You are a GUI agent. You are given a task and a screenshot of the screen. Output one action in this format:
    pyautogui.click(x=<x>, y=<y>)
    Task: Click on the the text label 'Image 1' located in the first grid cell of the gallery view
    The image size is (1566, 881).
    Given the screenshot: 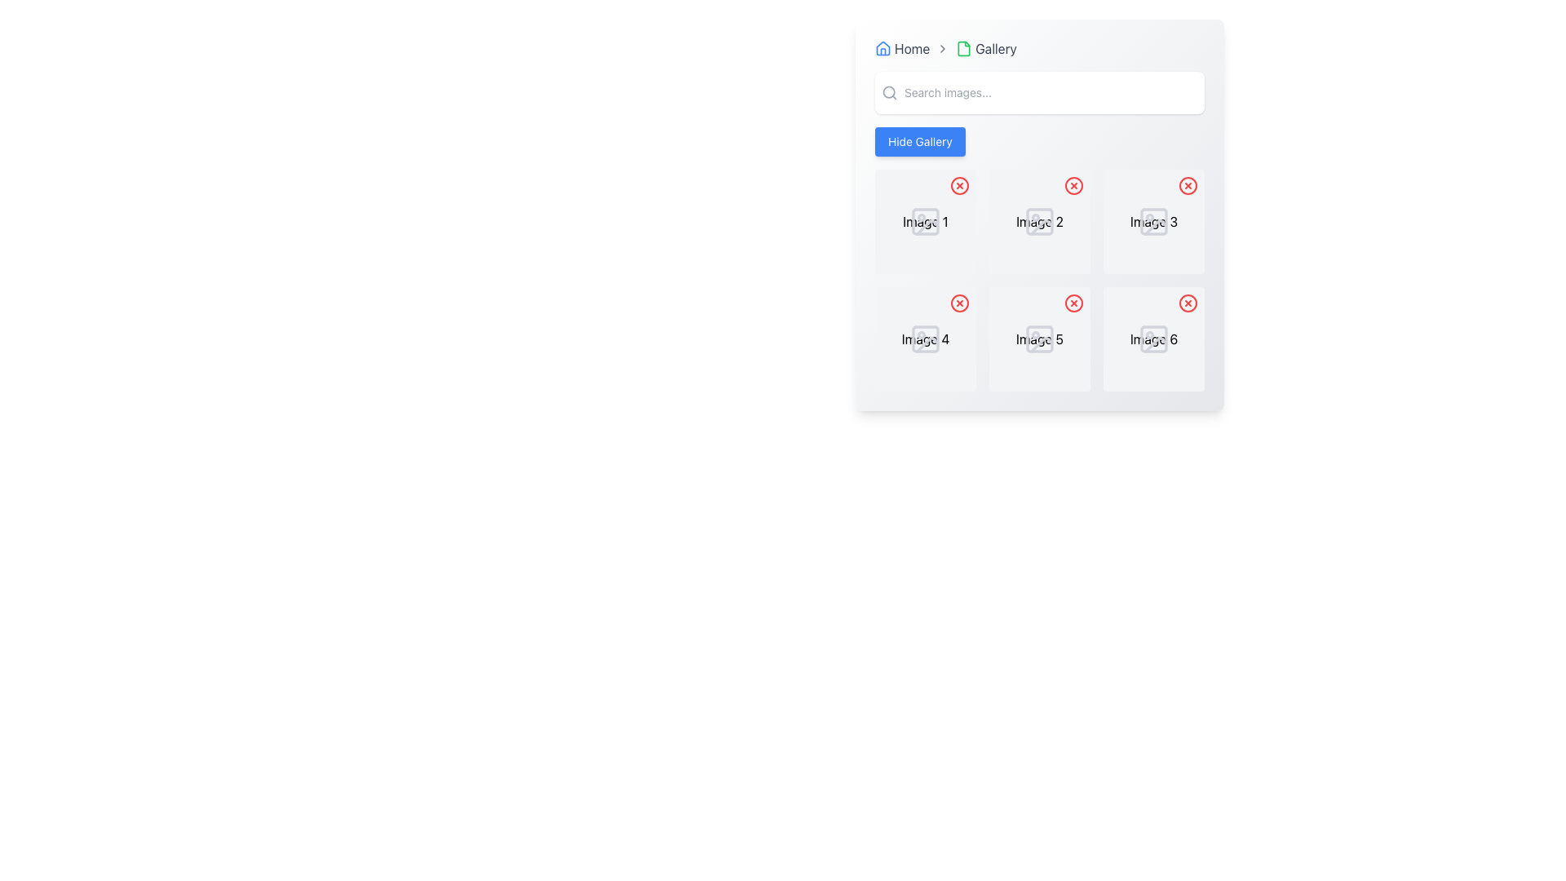 What is the action you would take?
    pyautogui.click(x=925, y=222)
    